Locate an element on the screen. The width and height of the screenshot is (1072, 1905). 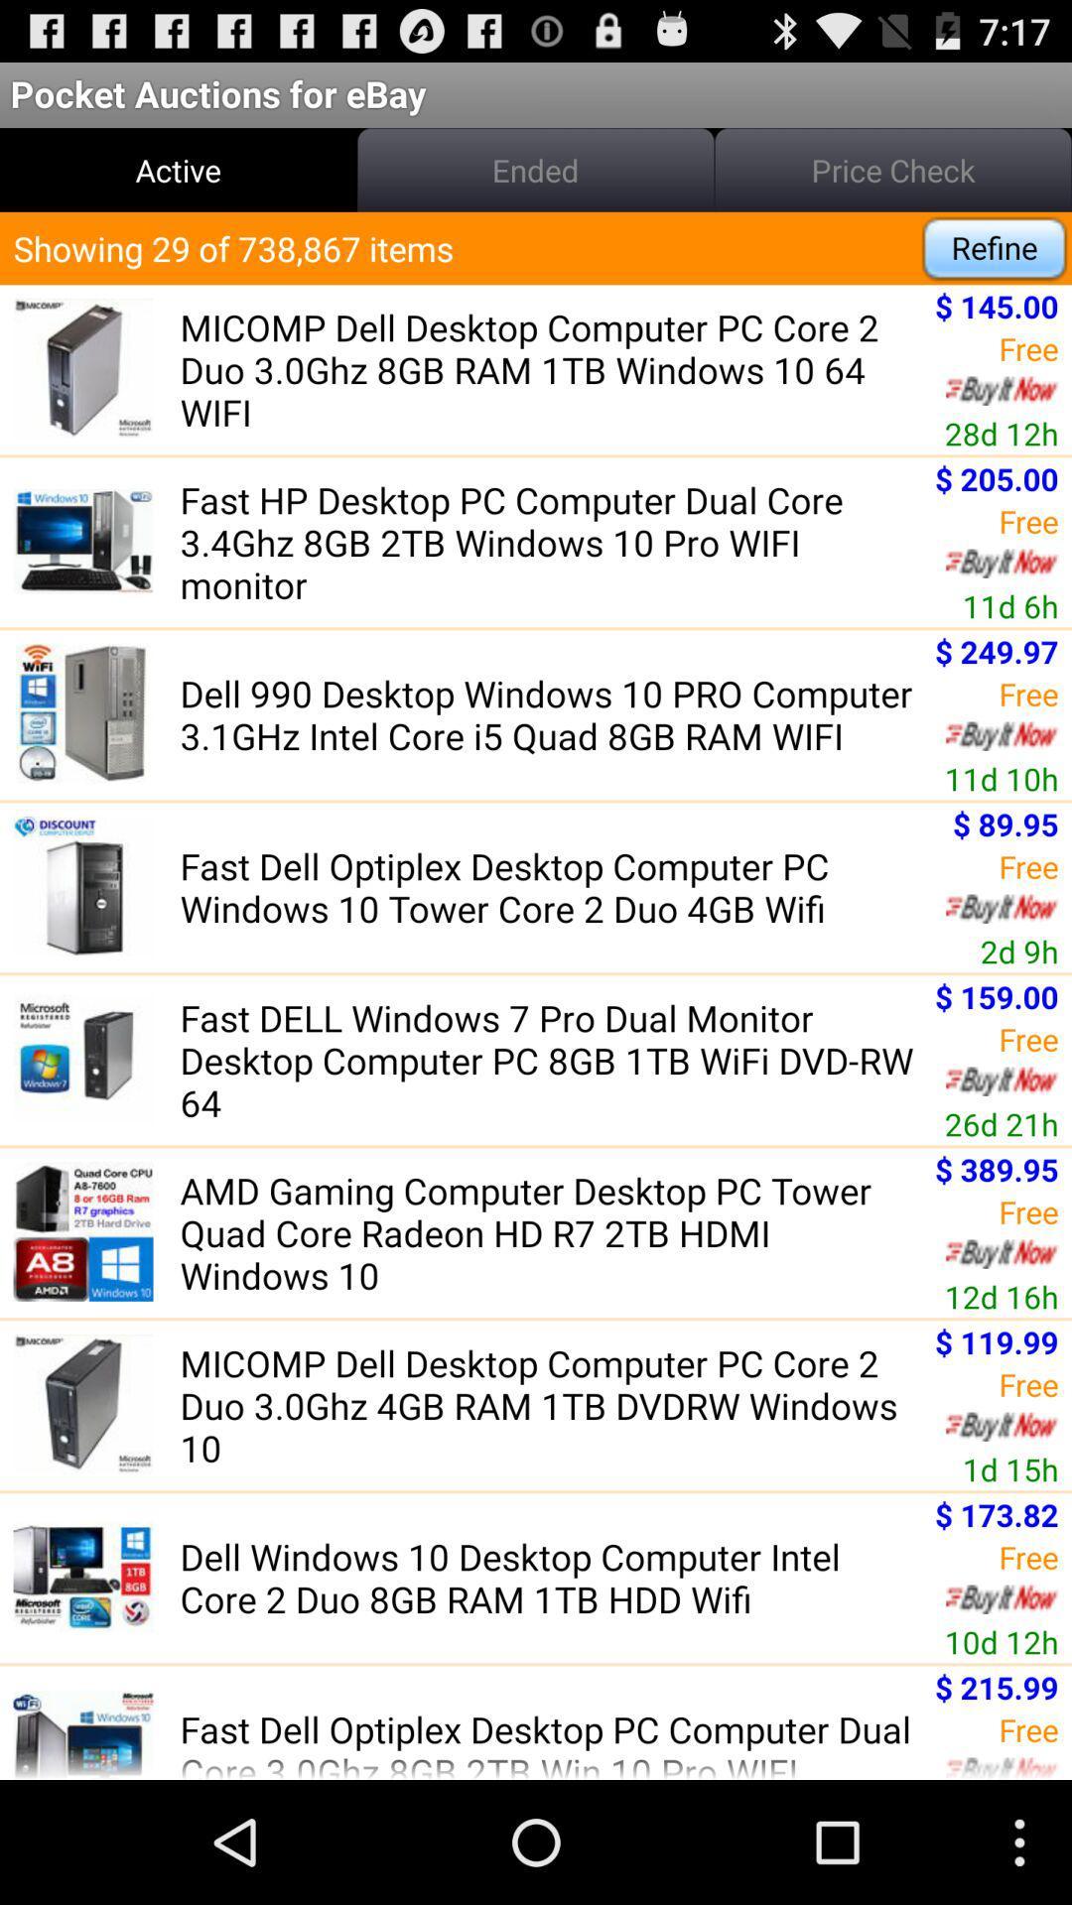
the item next to dell 990 desktop is located at coordinates (997, 651).